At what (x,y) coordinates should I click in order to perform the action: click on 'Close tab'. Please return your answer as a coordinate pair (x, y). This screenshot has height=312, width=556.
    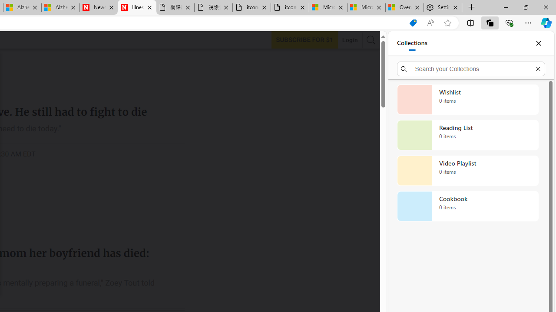
    Looking at the image, I should click on (455, 7).